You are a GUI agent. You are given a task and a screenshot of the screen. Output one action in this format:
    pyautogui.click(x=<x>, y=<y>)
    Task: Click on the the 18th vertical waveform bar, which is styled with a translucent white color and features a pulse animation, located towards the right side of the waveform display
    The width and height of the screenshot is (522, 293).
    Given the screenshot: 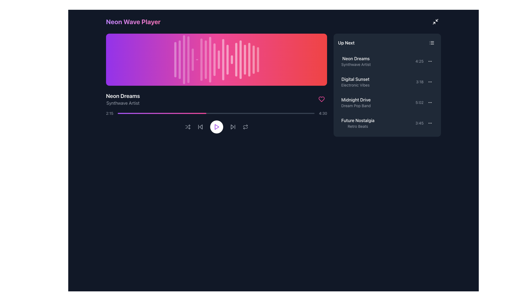 What is the action you would take?
    pyautogui.click(x=249, y=59)
    